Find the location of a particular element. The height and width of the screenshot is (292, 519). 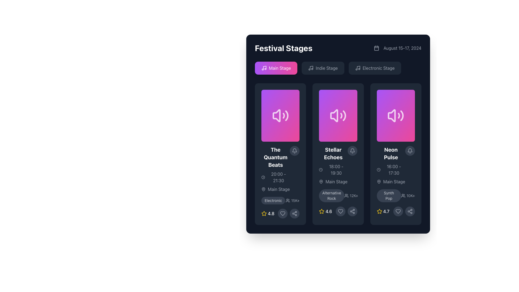

the heart-shaped icon button in the bottom section of the 'Stellar Echoes' card to mark it as favorite or like is located at coordinates (340, 211).